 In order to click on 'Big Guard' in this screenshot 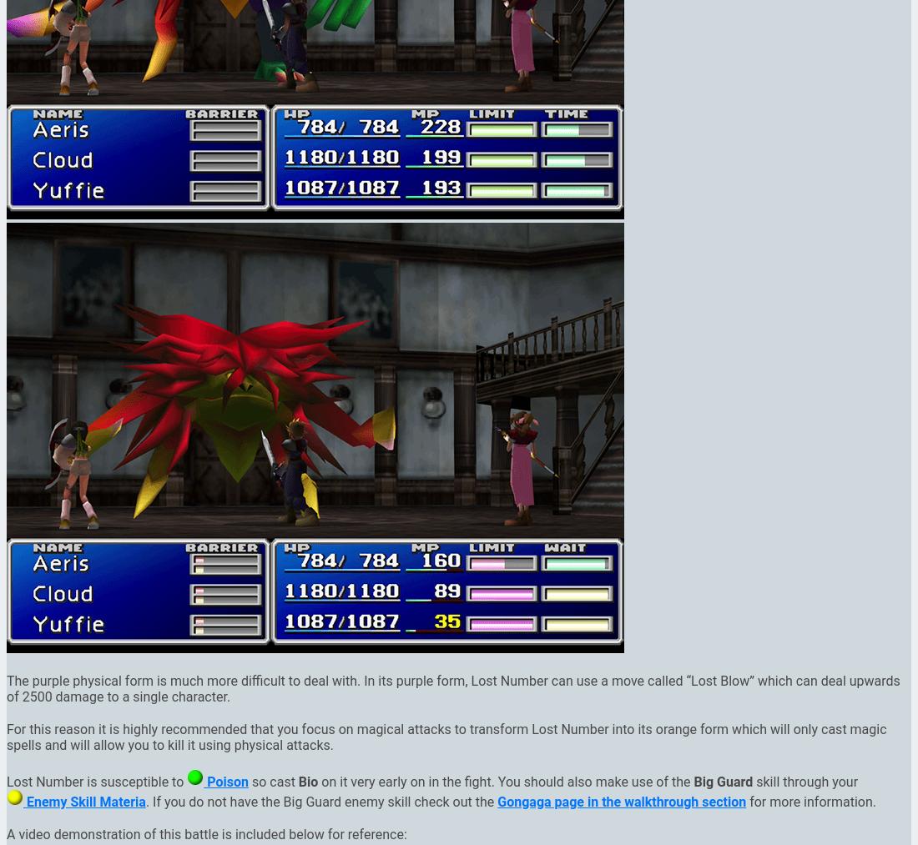, I will do `click(722, 781)`.